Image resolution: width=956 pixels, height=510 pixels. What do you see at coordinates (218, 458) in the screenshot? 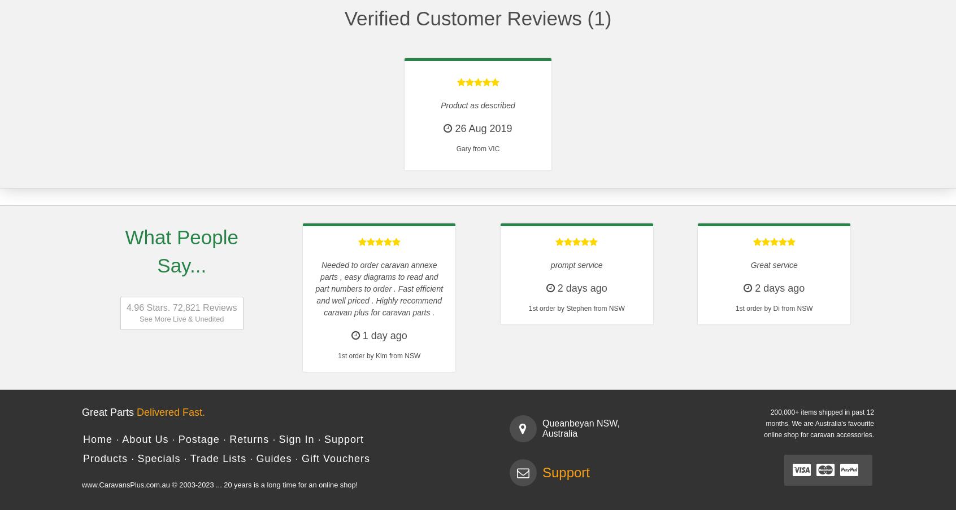
I see `'Trade Lists'` at bounding box center [218, 458].